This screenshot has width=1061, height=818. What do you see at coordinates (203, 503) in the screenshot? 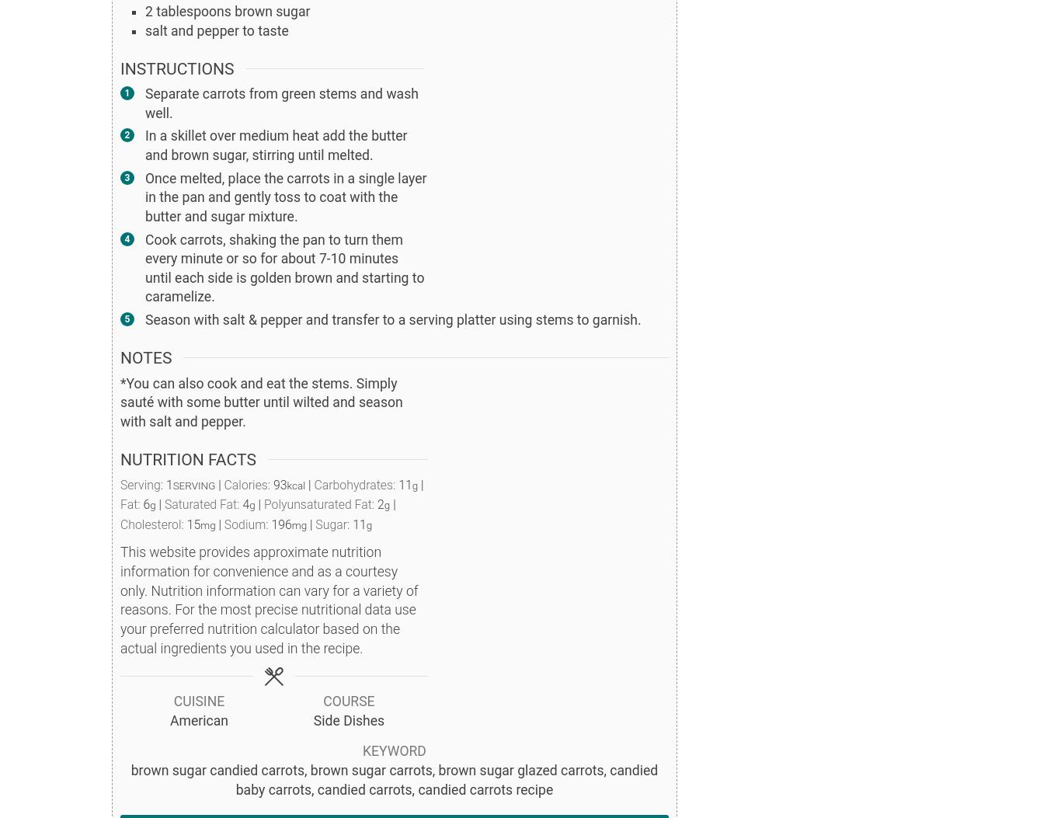
I see `'Saturated Fat:'` at bounding box center [203, 503].